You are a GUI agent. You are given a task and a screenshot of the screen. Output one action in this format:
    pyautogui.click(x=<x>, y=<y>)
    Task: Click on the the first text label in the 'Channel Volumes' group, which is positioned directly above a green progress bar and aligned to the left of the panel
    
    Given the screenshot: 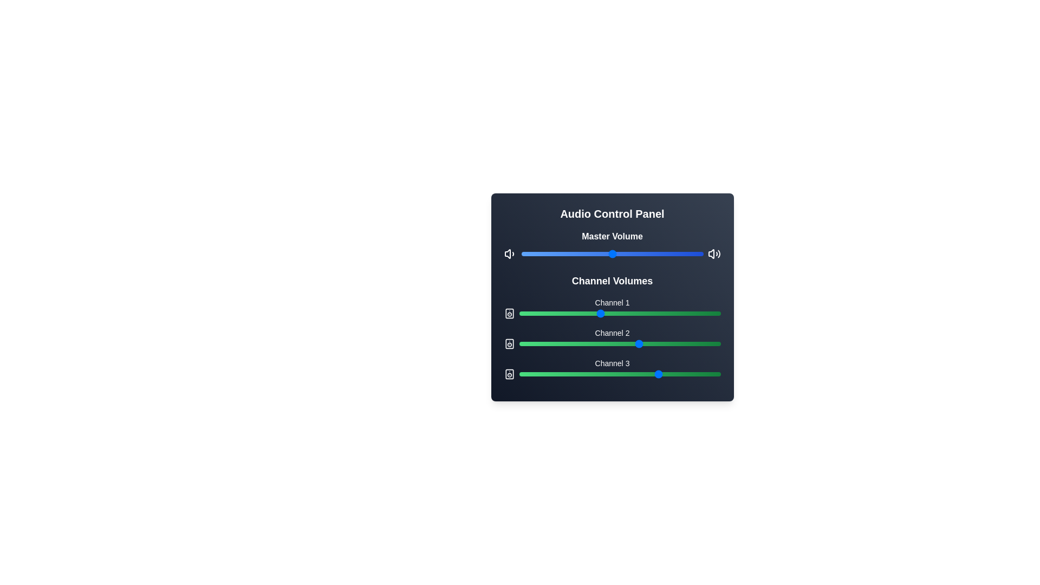 What is the action you would take?
    pyautogui.click(x=612, y=303)
    